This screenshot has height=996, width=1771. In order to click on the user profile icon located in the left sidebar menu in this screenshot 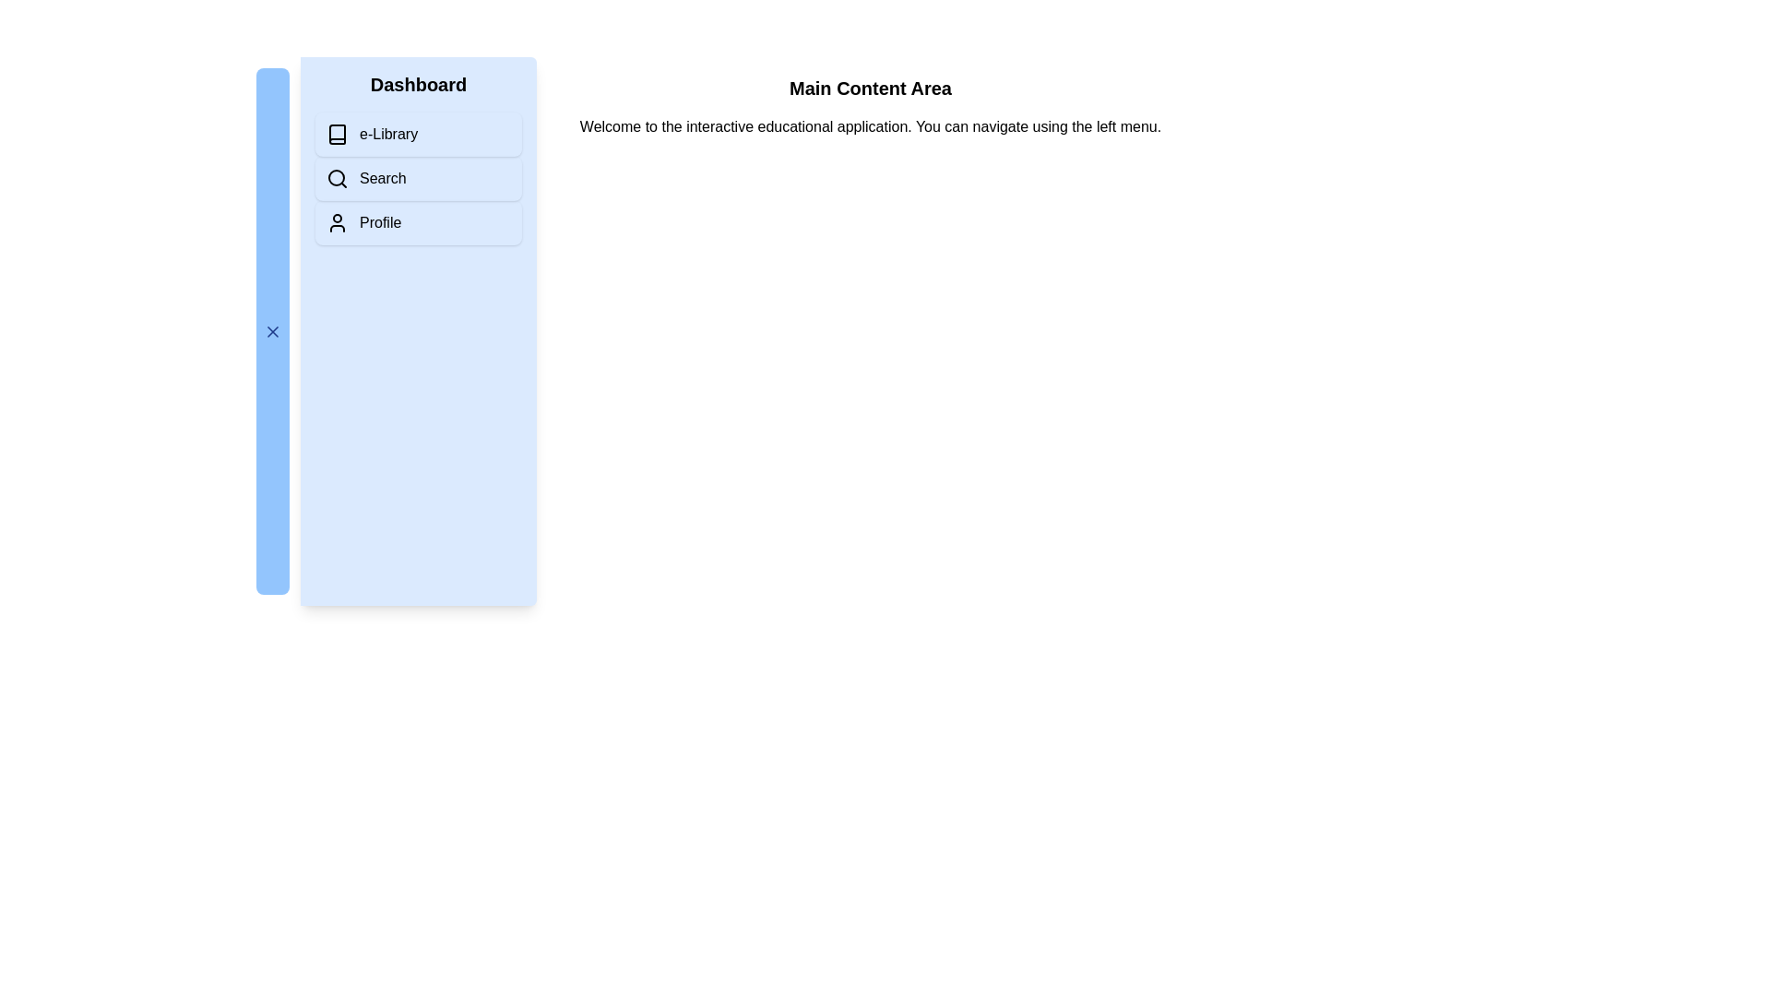, I will do `click(337, 222)`.